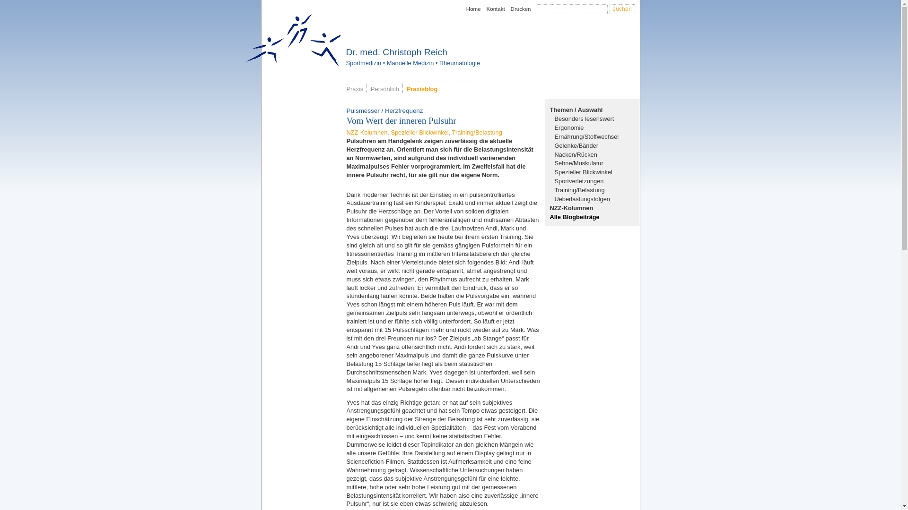 The image size is (908, 510). Describe the element at coordinates (466, 9) in the screenshot. I see `'Home'` at that location.